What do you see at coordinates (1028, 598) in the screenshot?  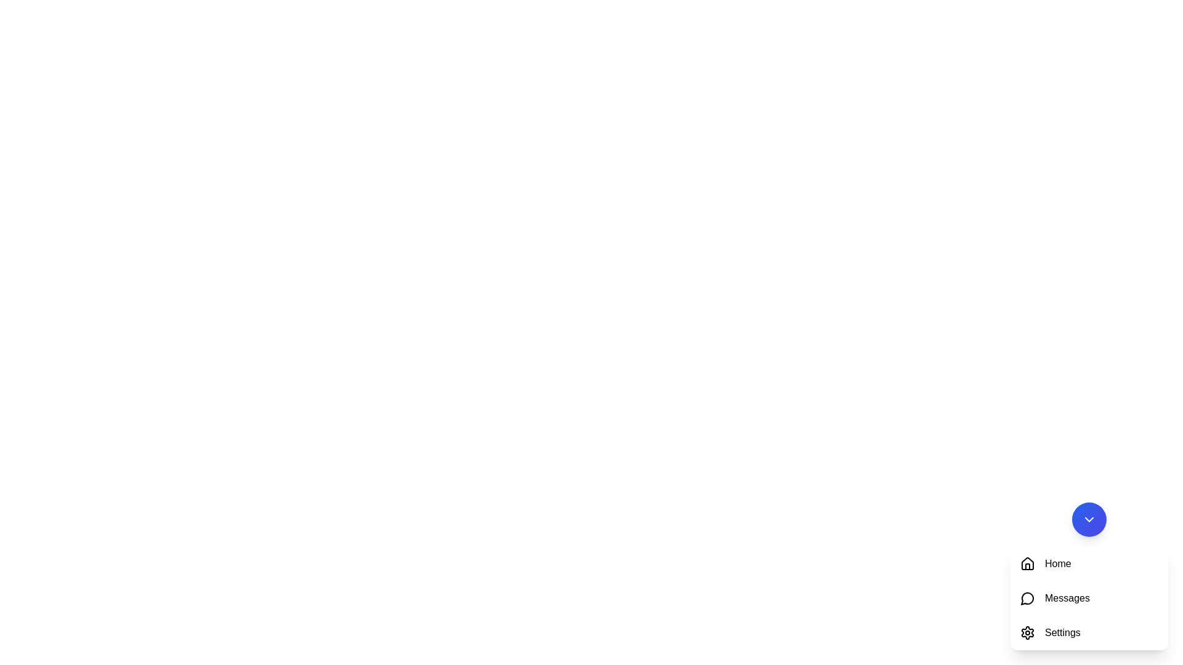 I see `the 'Messages' icon located to the left of the text 'Messages'` at bounding box center [1028, 598].